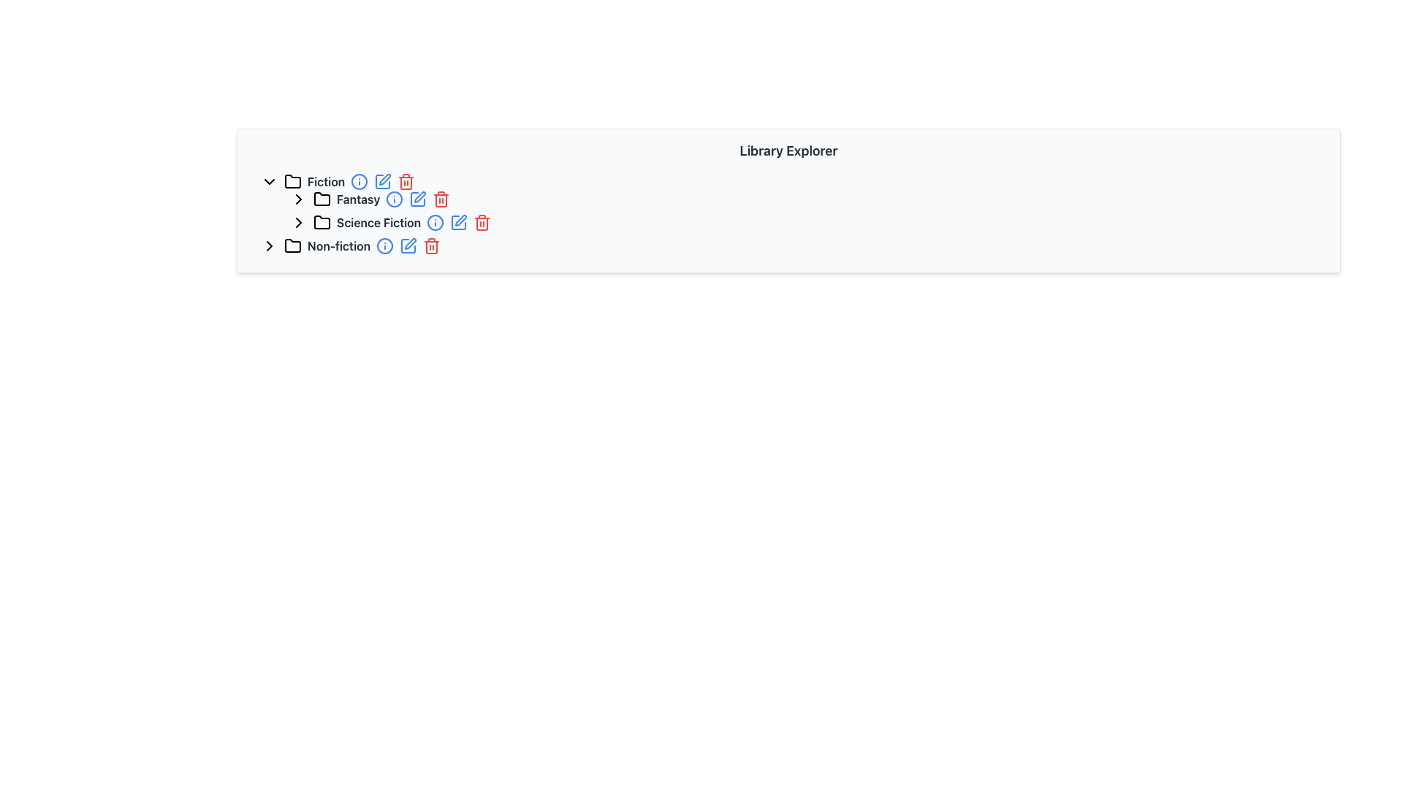 The height and width of the screenshot is (789, 1403). What do you see at coordinates (417, 199) in the screenshot?
I see `the edit button for the 'Fantasy' category, which is the second action control button in the tree structure` at bounding box center [417, 199].